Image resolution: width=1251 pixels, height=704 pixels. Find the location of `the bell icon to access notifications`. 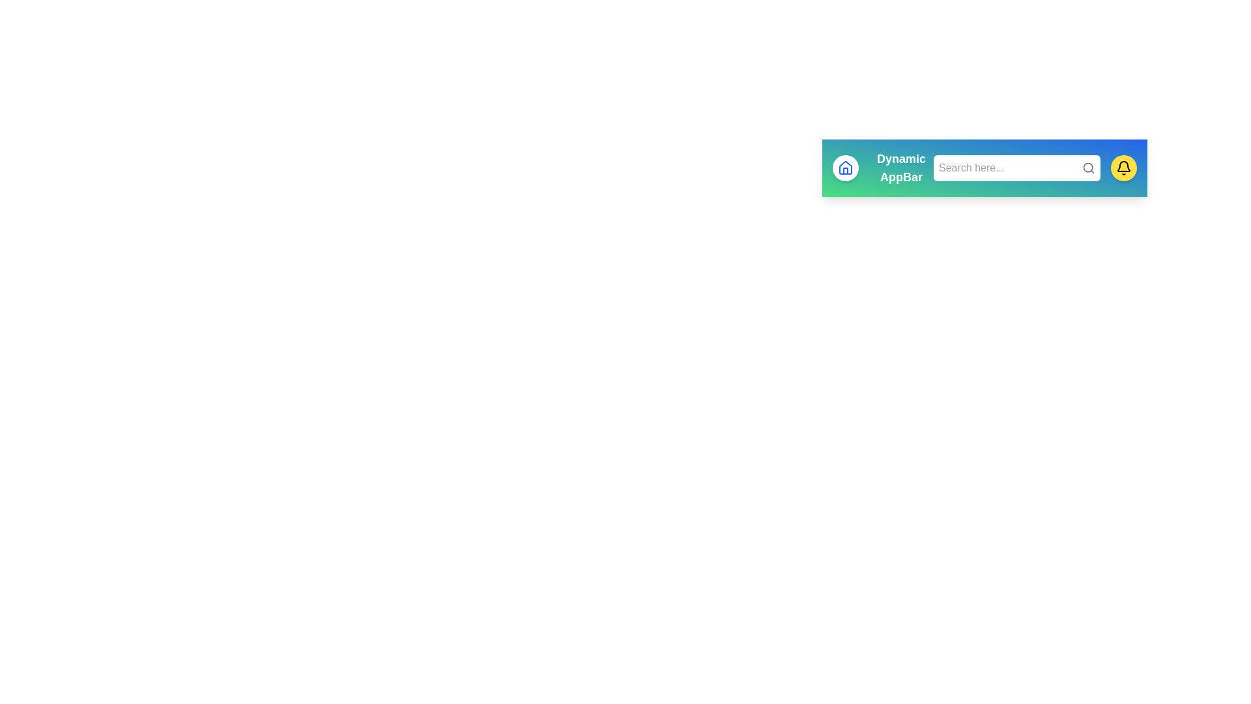

the bell icon to access notifications is located at coordinates (1123, 168).